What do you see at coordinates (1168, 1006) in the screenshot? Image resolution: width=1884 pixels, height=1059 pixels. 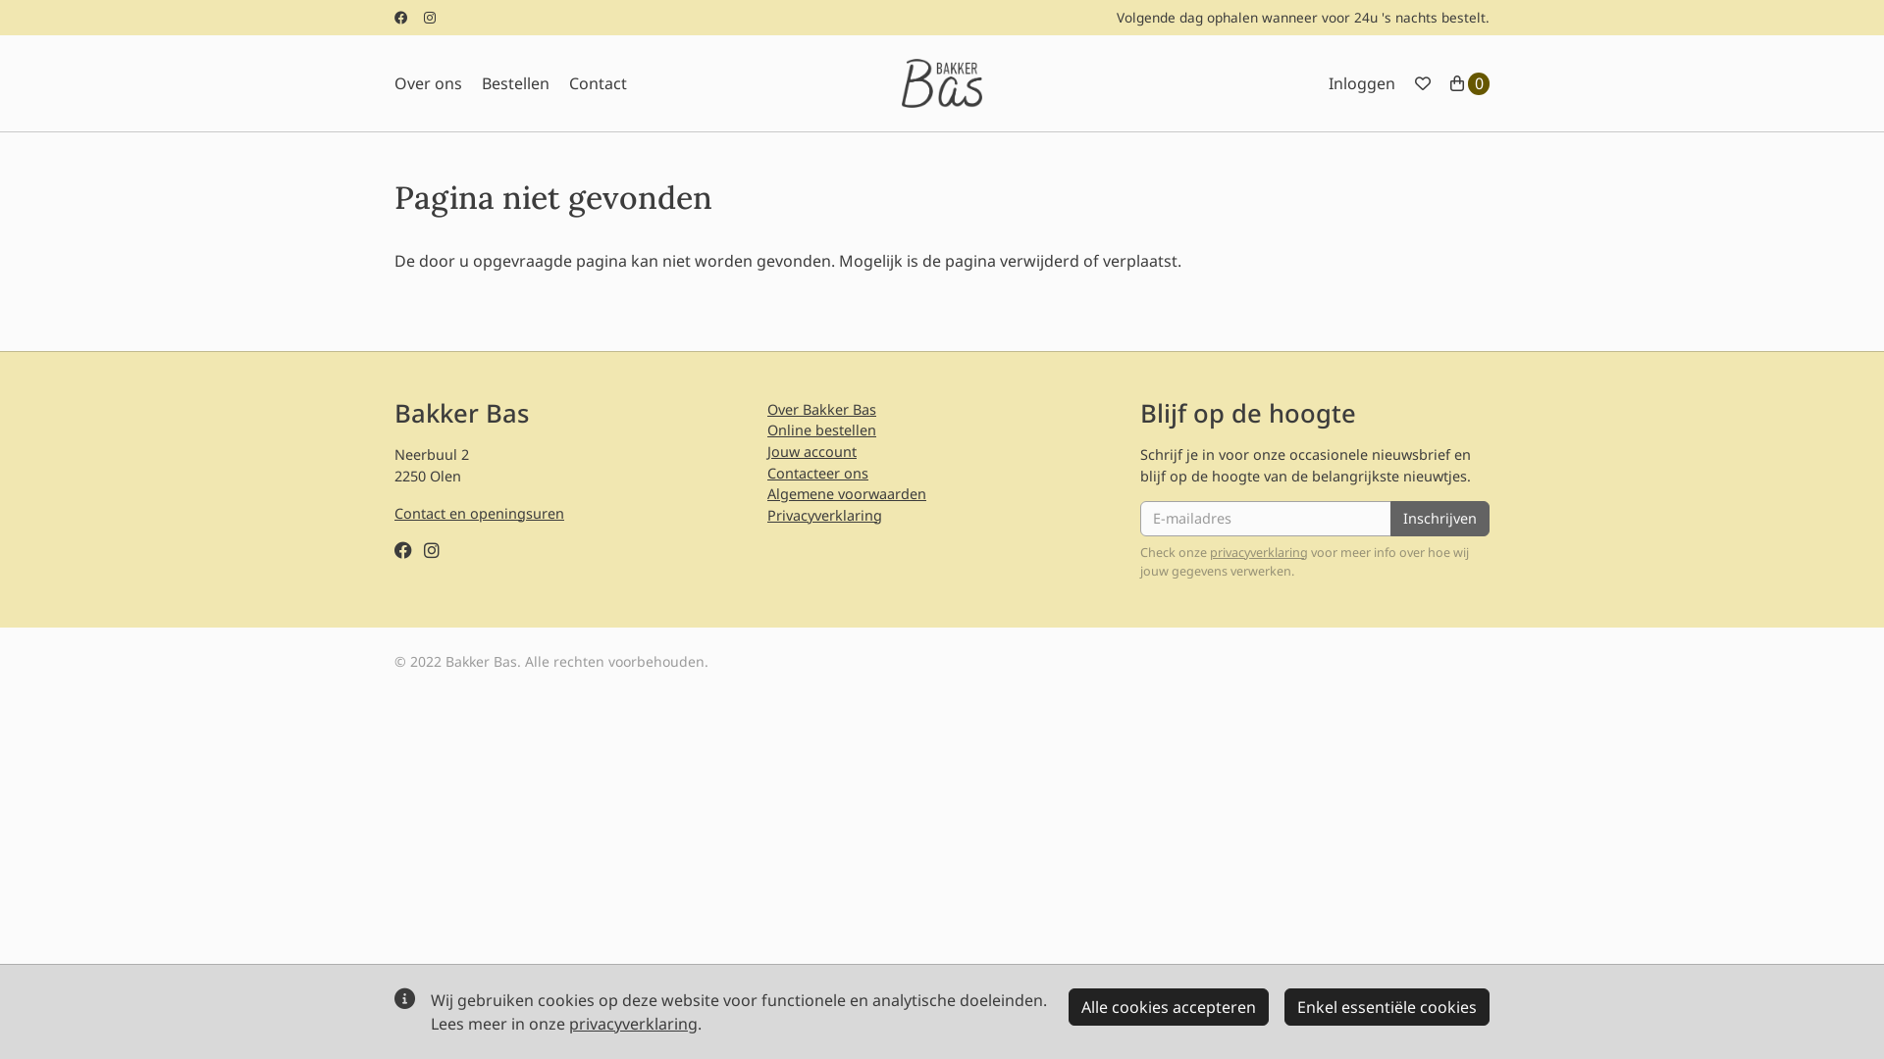 I see `'Alle cookies accepteren'` at bounding box center [1168, 1006].